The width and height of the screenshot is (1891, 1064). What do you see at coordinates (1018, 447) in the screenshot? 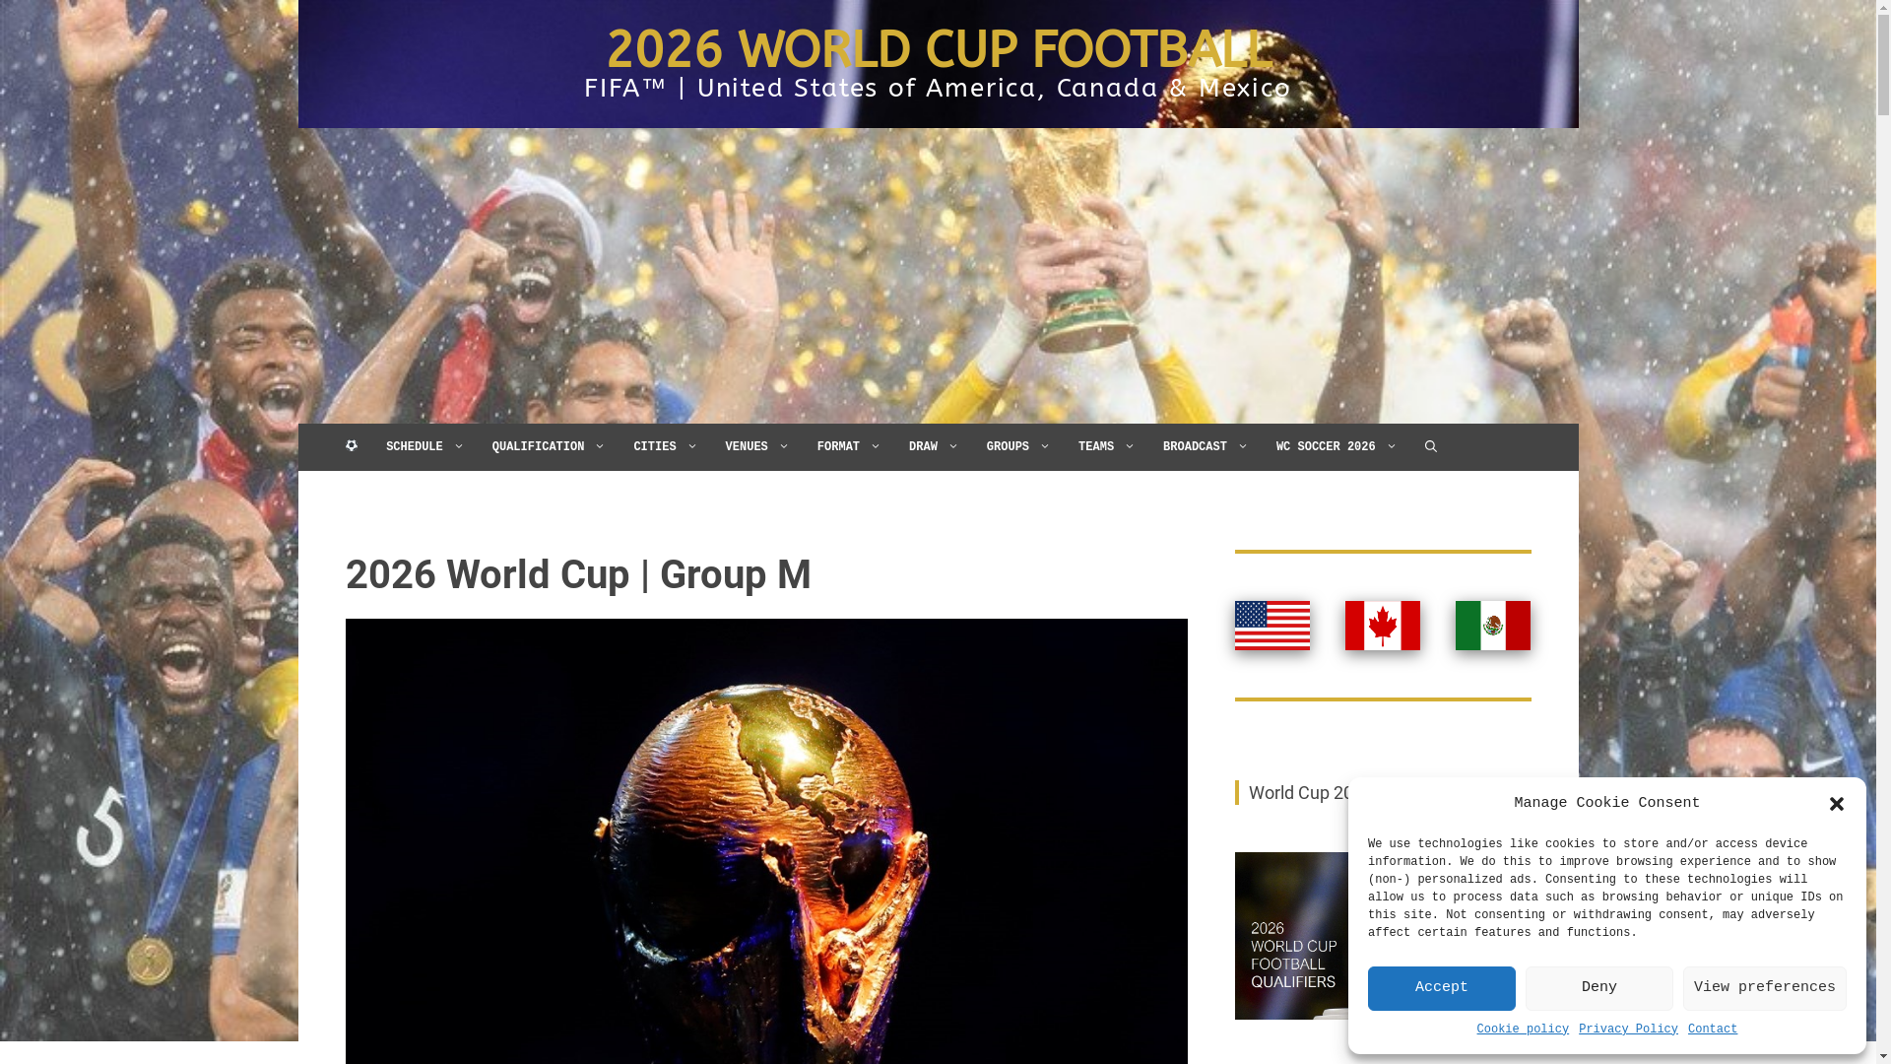
I see `'GROUPS'` at bounding box center [1018, 447].